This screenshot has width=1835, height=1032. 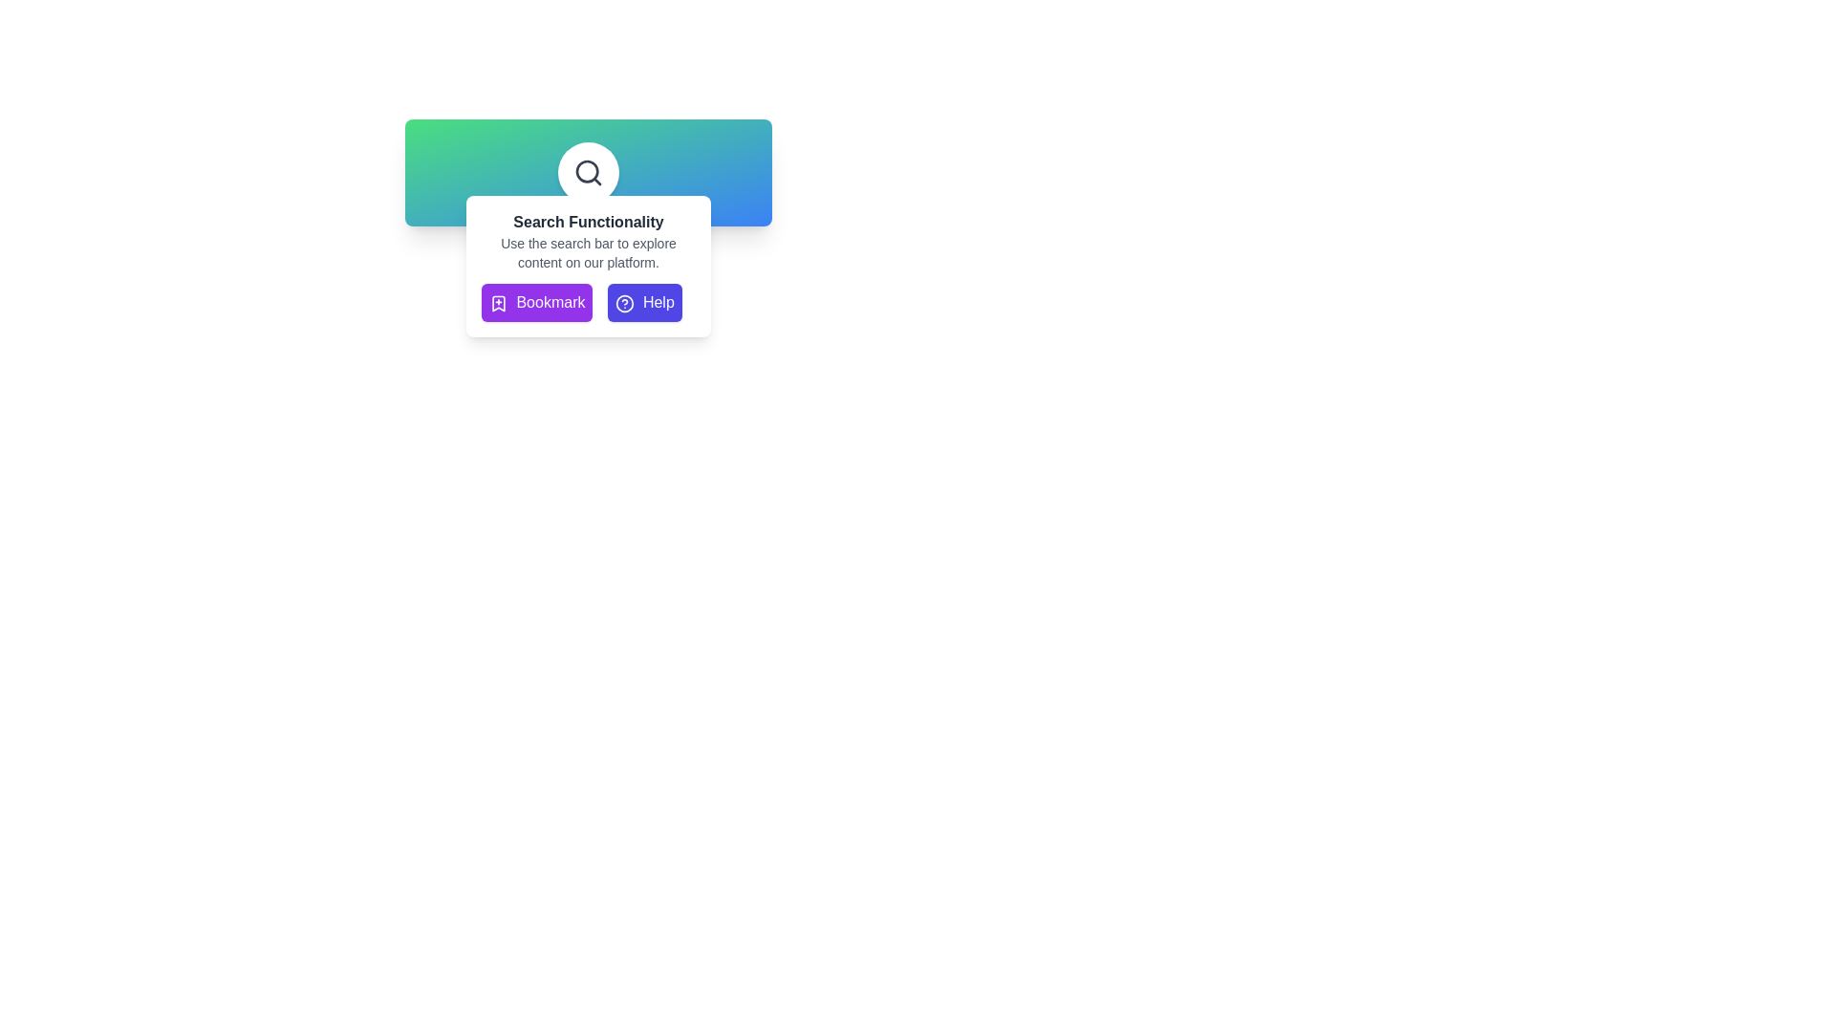 What do you see at coordinates (587, 173) in the screenshot?
I see `the dark gray magnifying glass icon representing the search functionality` at bounding box center [587, 173].